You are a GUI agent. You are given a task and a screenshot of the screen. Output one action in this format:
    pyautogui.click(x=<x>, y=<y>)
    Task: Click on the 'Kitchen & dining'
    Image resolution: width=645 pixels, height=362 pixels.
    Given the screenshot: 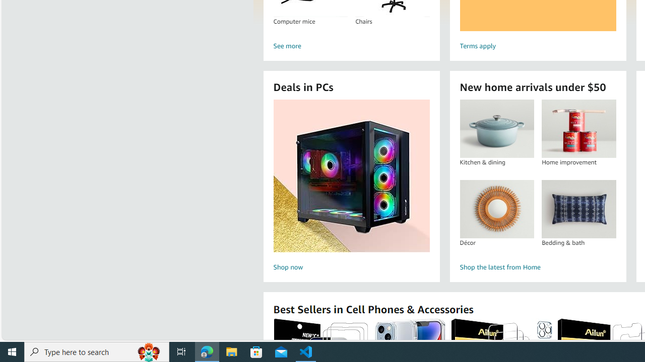 What is the action you would take?
    pyautogui.click(x=497, y=128)
    